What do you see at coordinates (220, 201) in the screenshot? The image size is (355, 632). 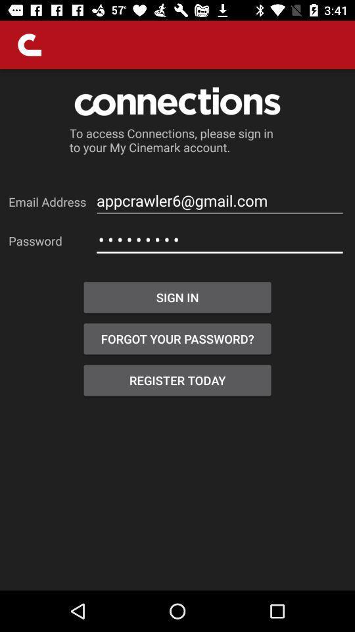 I see `icon above the crowd3116` at bounding box center [220, 201].